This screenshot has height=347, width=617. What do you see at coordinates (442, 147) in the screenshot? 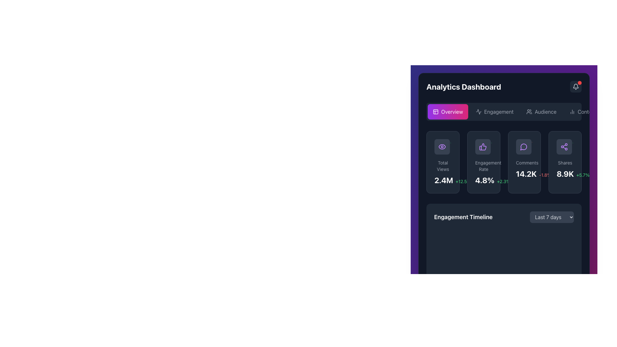
I see `the visibility icon button located on the left side of a row of interactive buttons below the page headers` at bounding box center [442, 147].